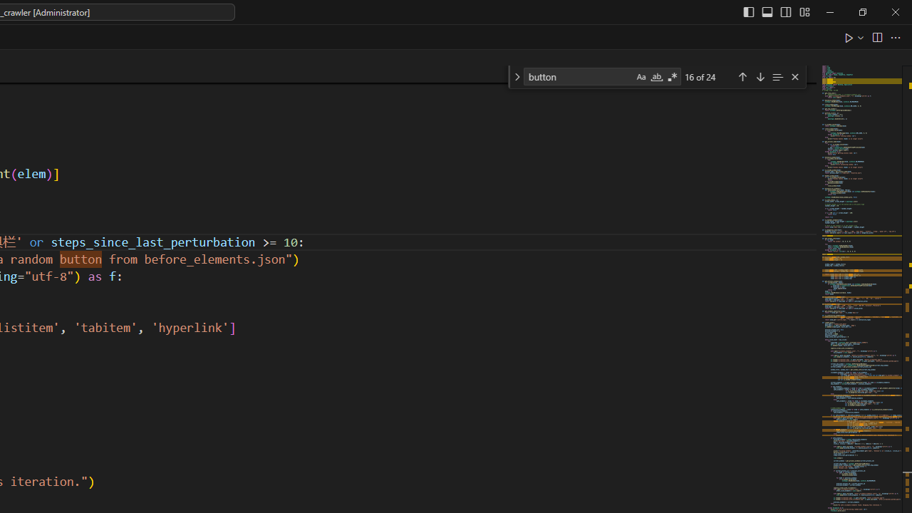 The image size is (912, 513). Describe the element at coordinates (672, 77) in the screenshot. I see `'Use Regular Expression (Alt+R)'` at that location.